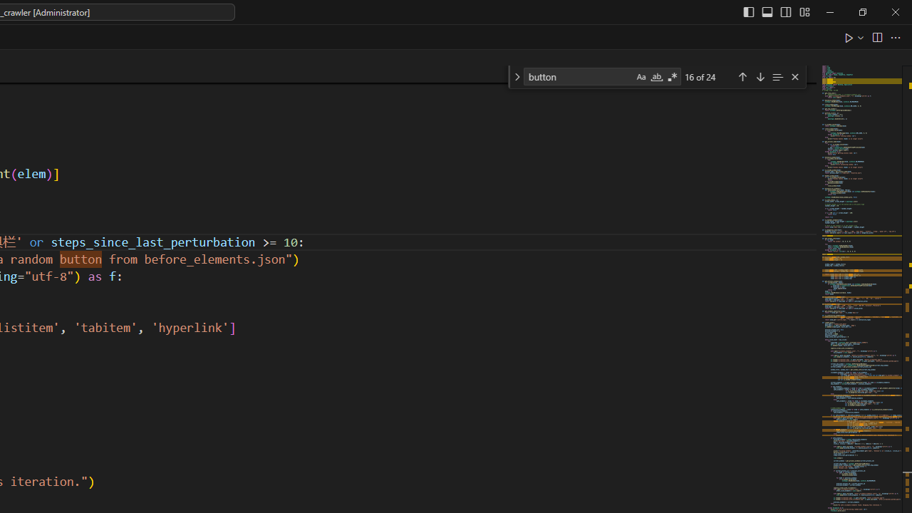 The image size is (912, 513). Describe the element at coordinates (672, 77) in the screenshot. I see `'Use Regular Expression (Alt+R)'` at that location.